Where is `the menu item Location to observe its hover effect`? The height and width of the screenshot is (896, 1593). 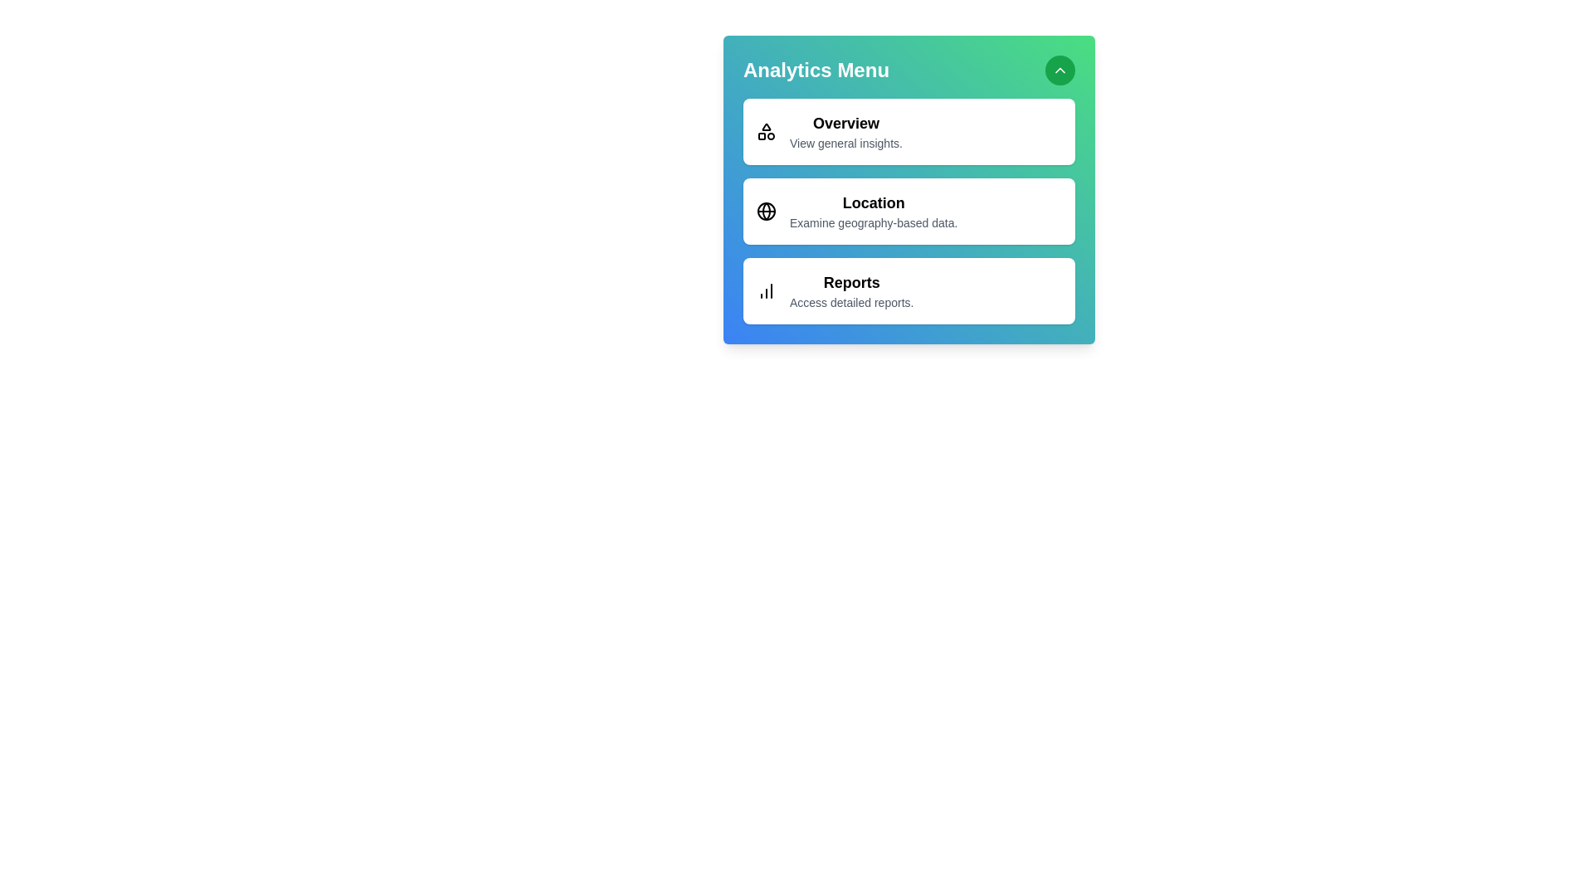
the menu item Location to observe its hover effect is located at coordinates (908, 210).